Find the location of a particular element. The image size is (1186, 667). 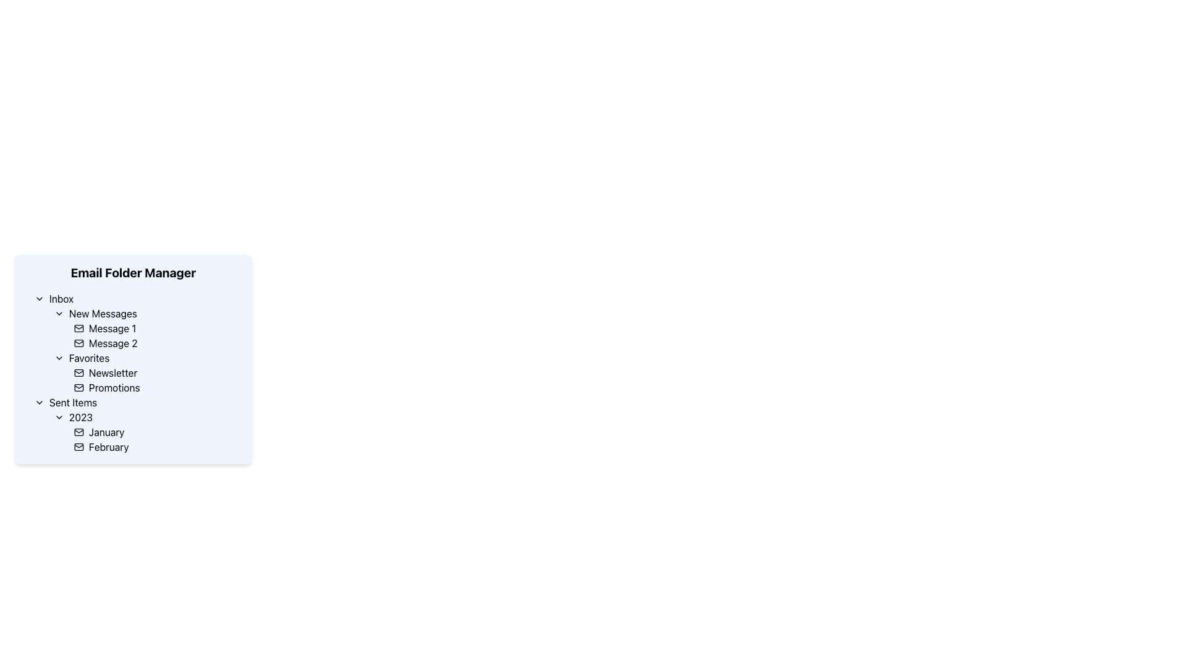

the 'Newsletter' selectable list item located in the 'Favorites' section of the 'Email Folder Manager' interface is located at coordinates (157, 372).